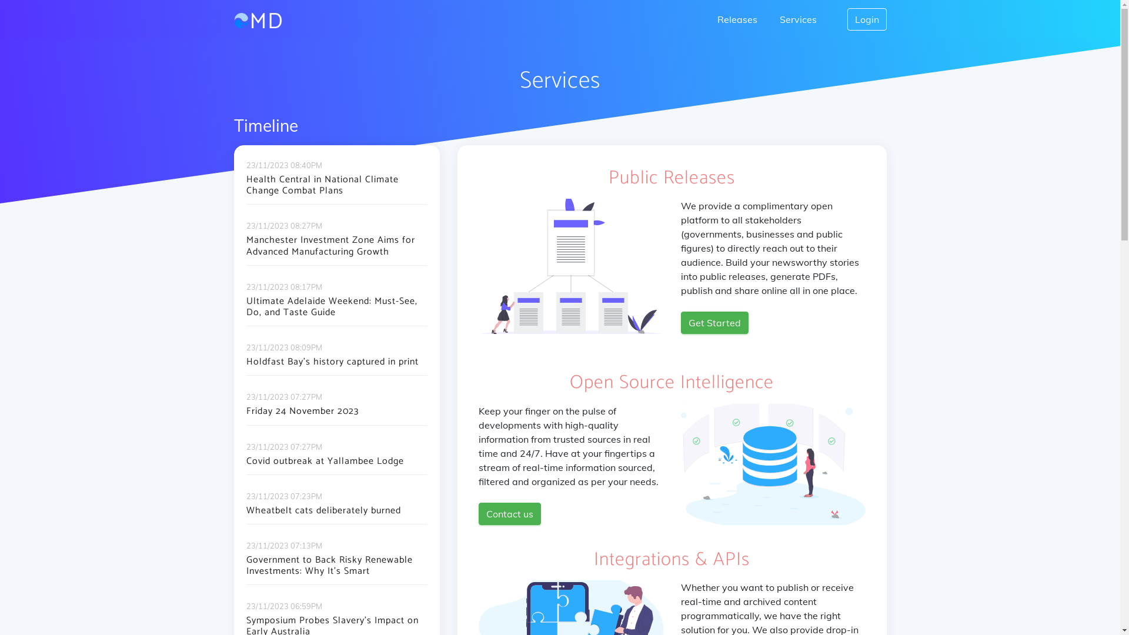 The width and height of the screenshot is (1129, 635). What do you see at coordinates (335, 369) in the screenshot?
I see `'Holdfast Bay's history captured in print'` at bounding box center [335, 369].